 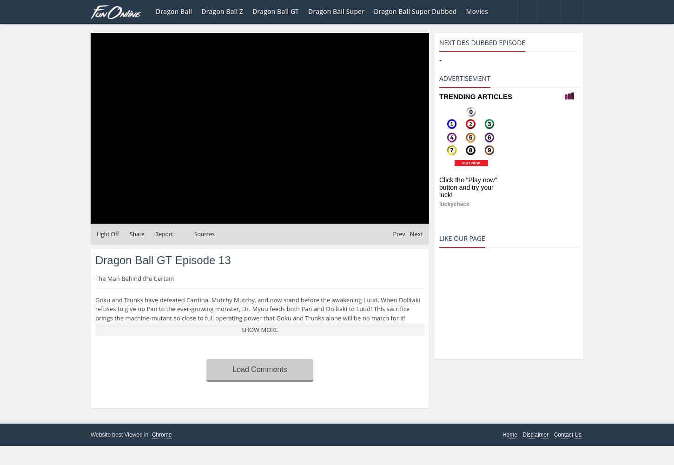 I want to click on 'The Man Behind the Certain', so click(x=134, y=278).